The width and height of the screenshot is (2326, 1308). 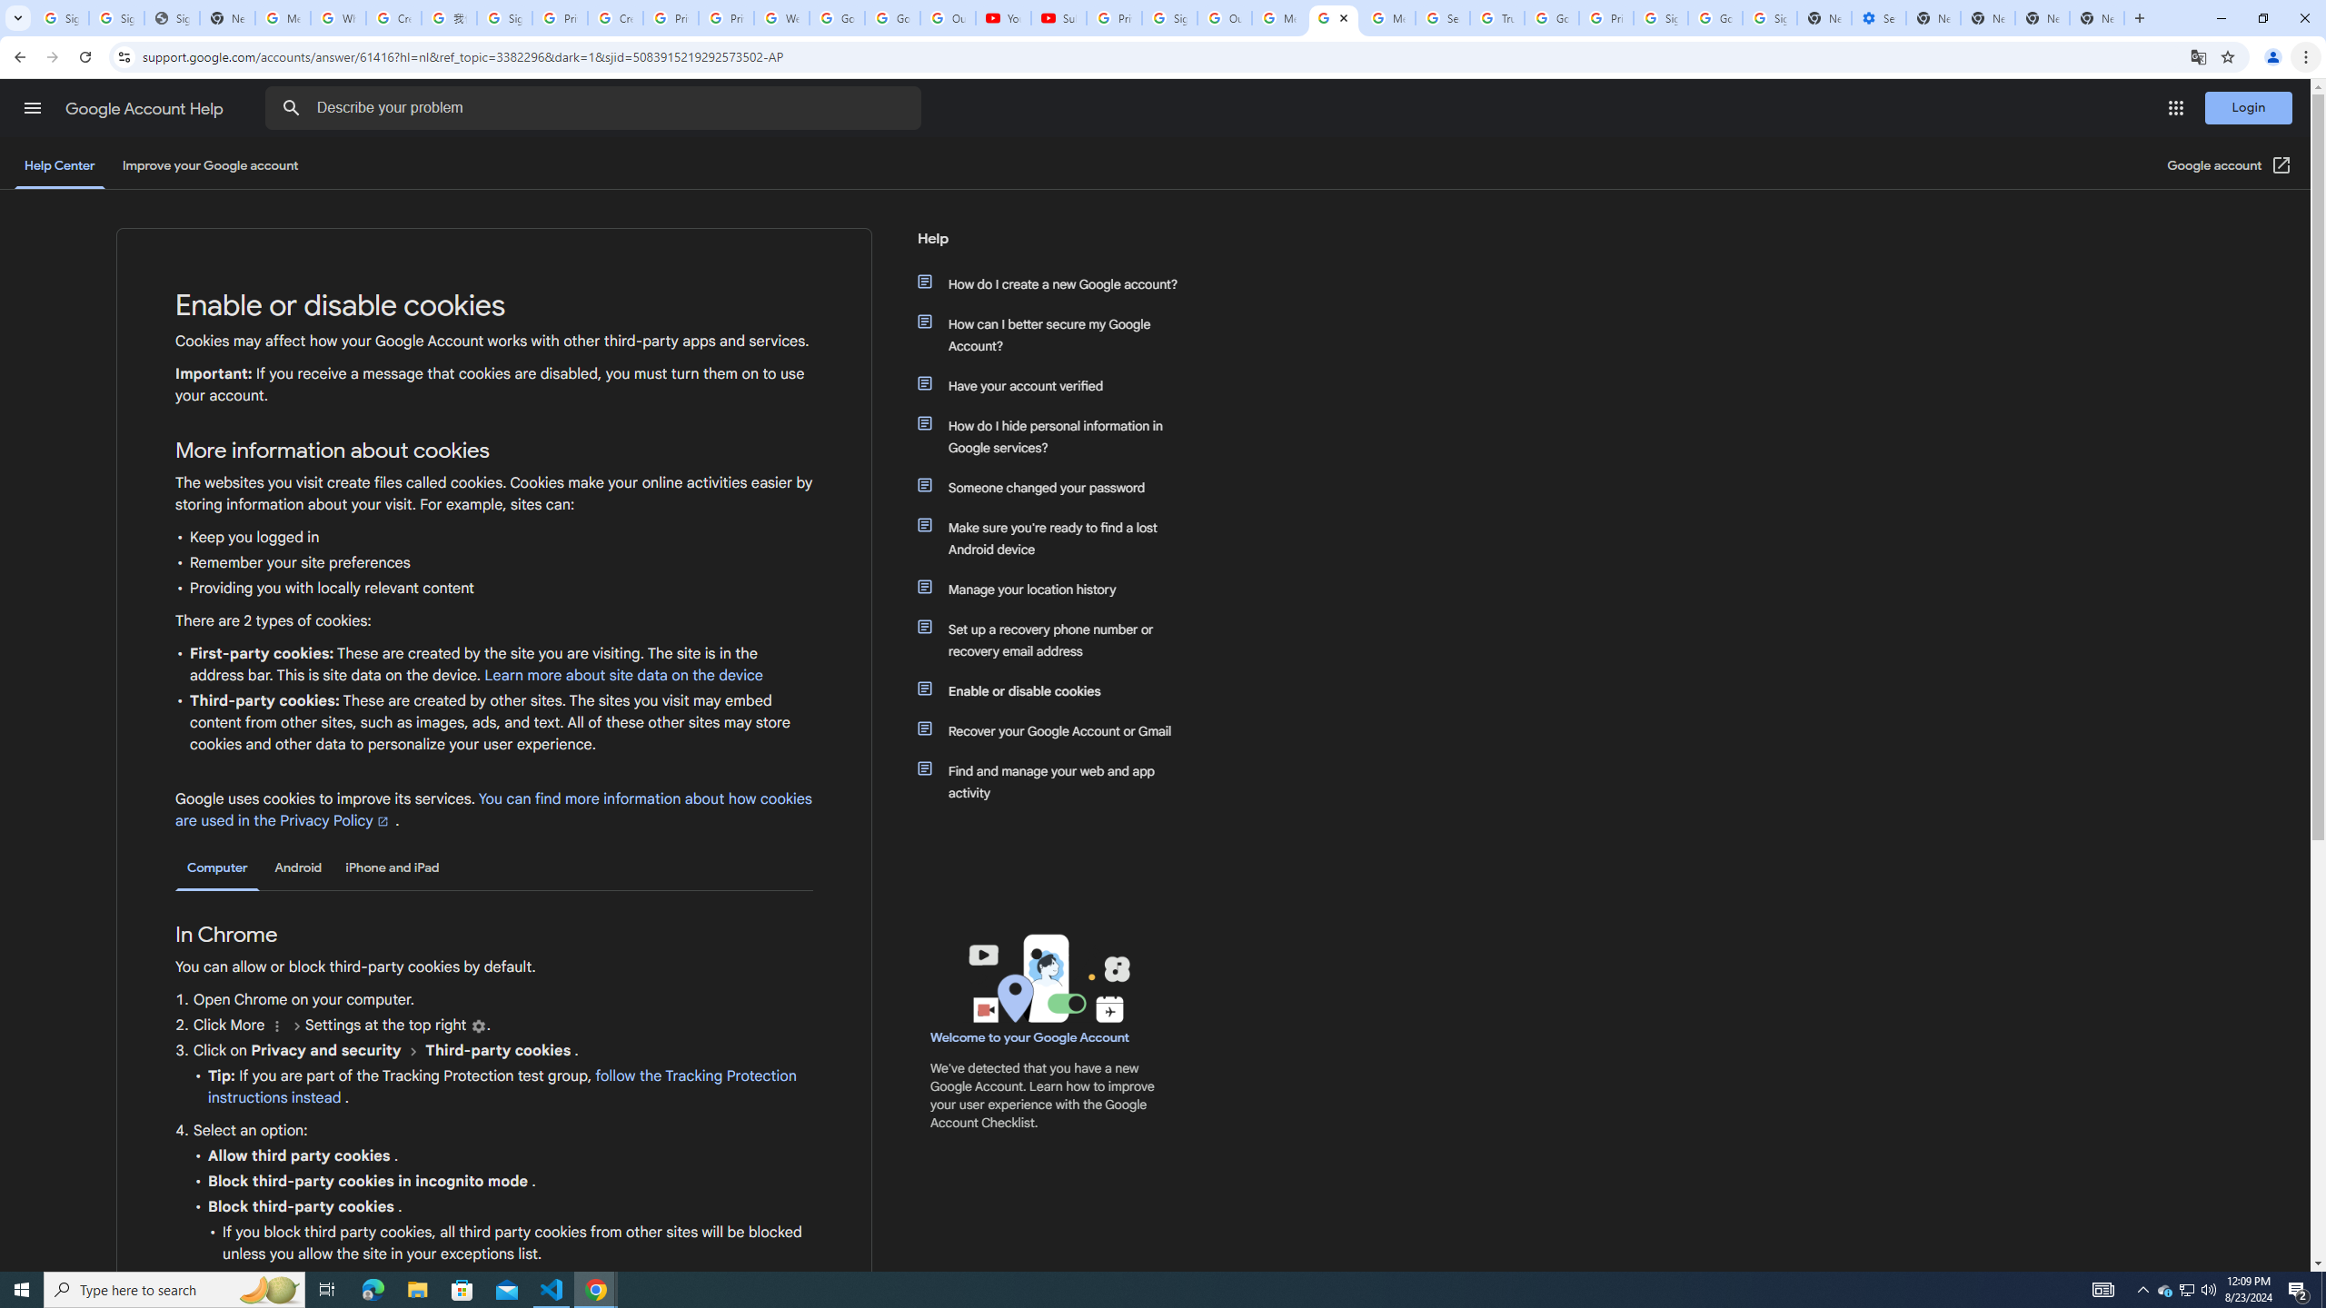 I want to click on 'How can I better secure my Google Account?', so click(x=1056, y=334).